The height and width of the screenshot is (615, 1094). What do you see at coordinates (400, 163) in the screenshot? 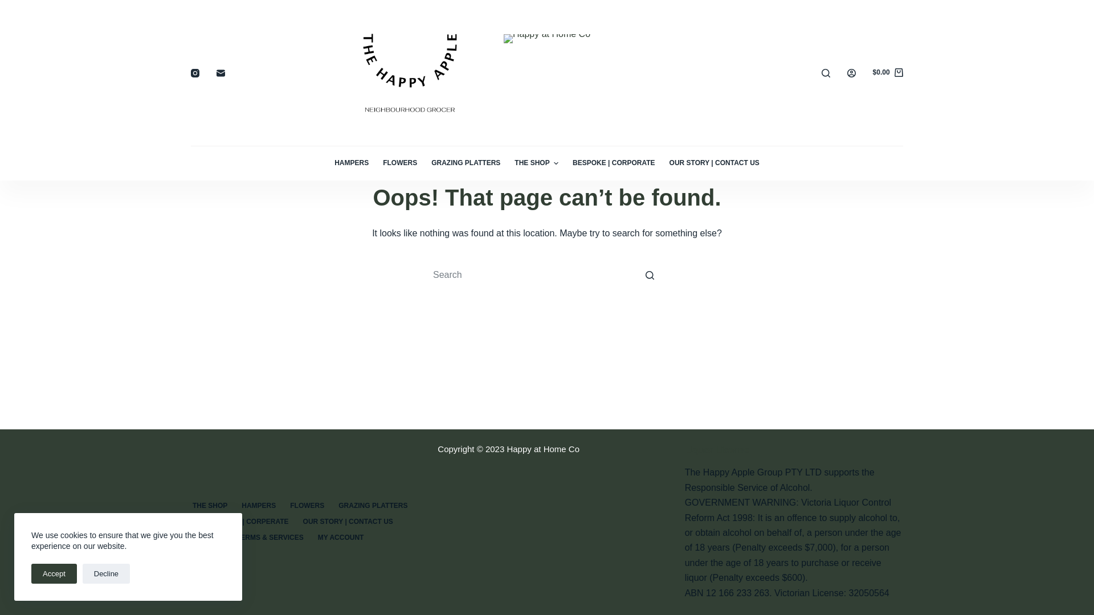
I see `'FLOWERS'` at bounding box center [400, 163].